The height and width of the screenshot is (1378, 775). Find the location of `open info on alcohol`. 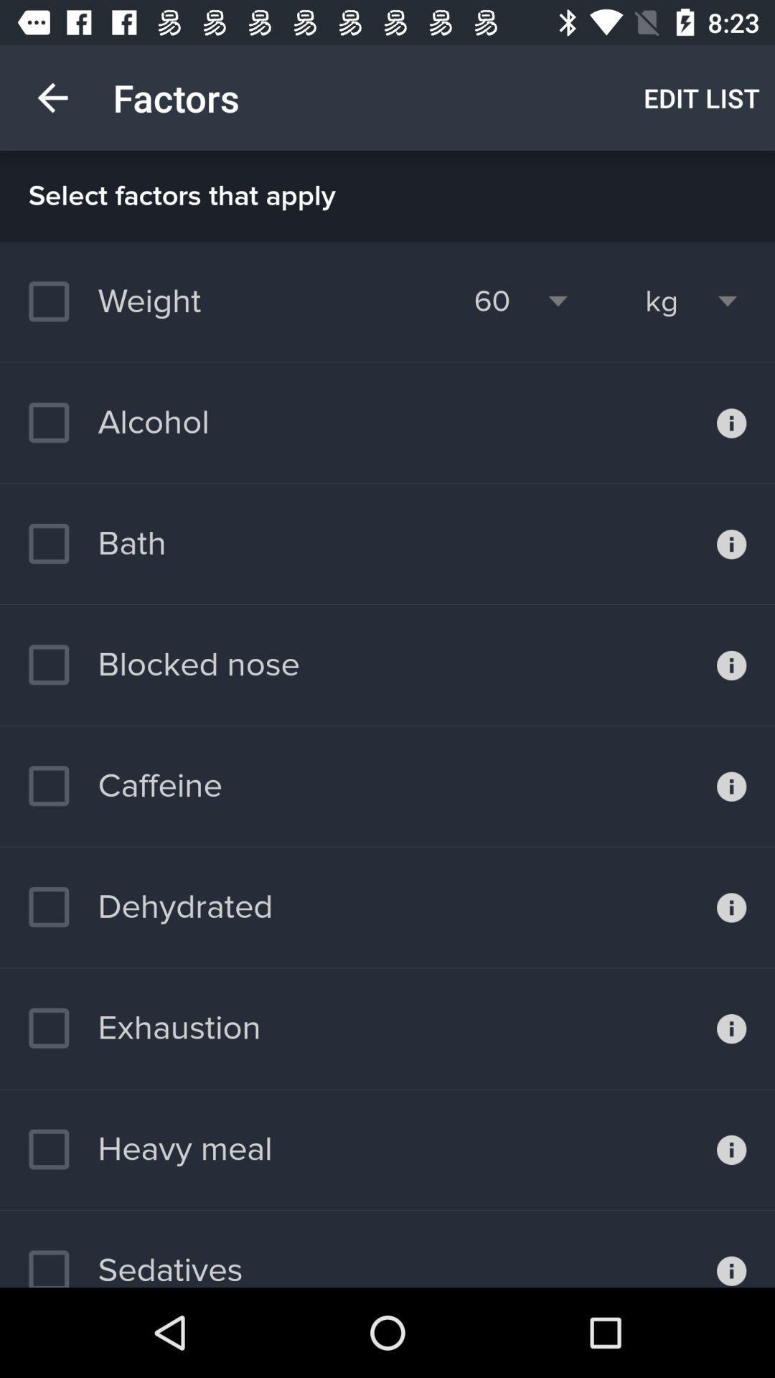

open info on alcohol is located at coordinates (731, 422).